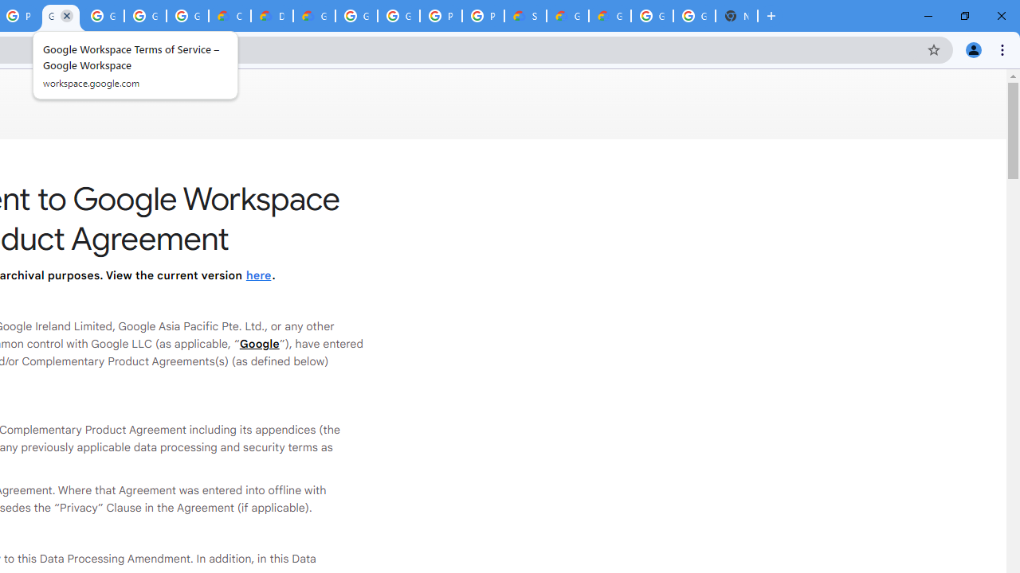 Image resolution: width=1020 pixels, height=573 pixels. I want to click on 'Google Cloud Service Health', so click(567, 16).